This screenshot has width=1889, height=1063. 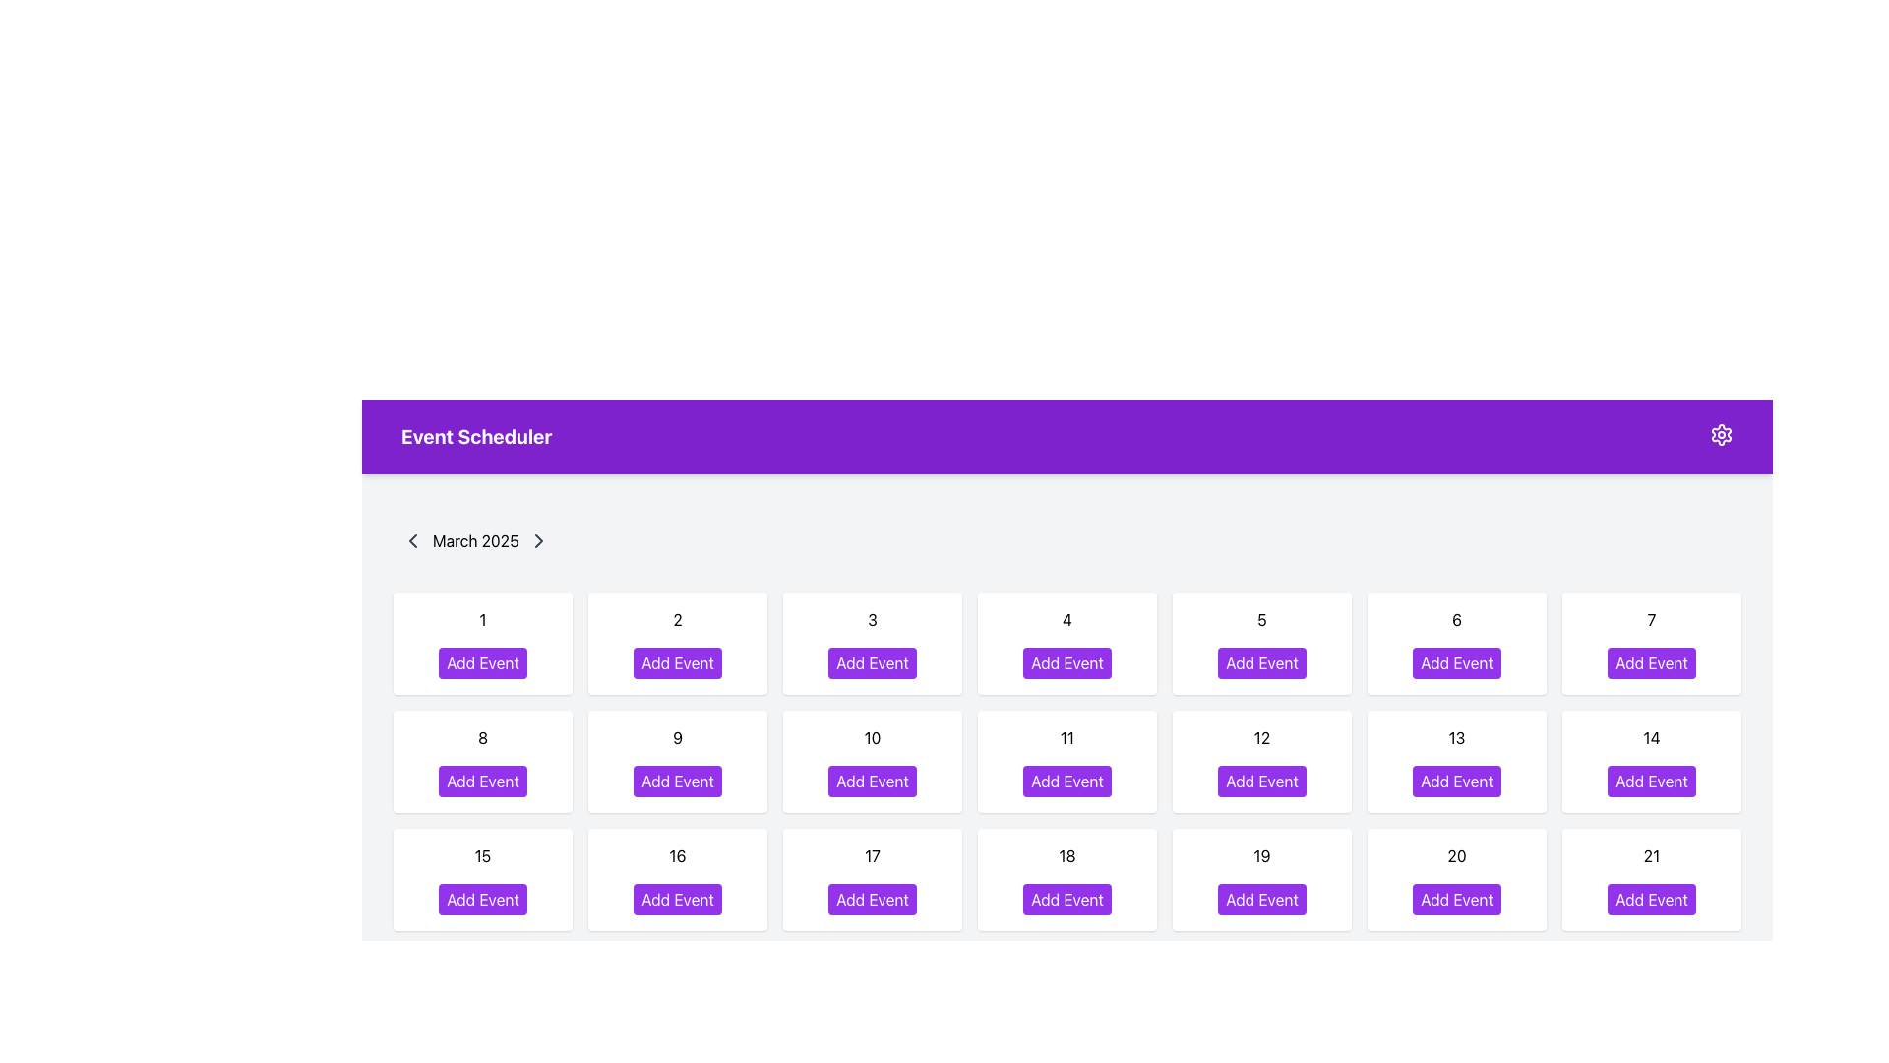 I want to click on the left-facing chevron icon button located at the leftmost side of the horizontal bar displaying 'March 2025', so click(x=412, y=541).